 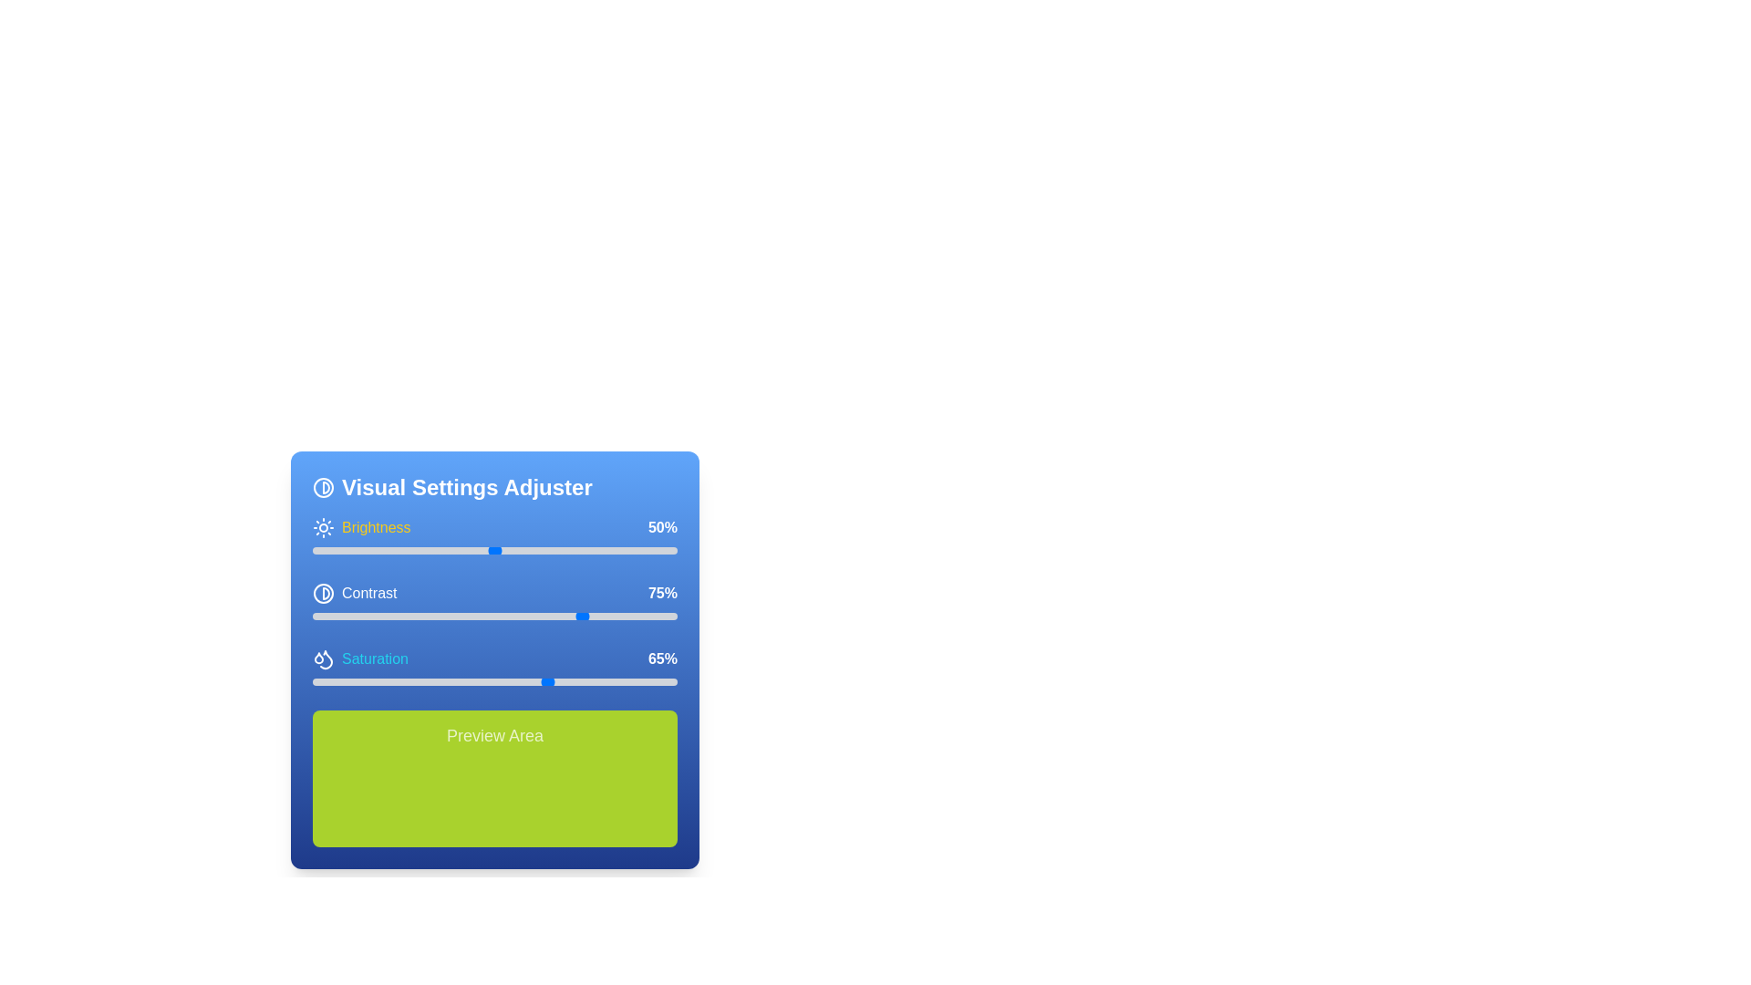 What do you see at coordinates (590, 682) in the screenshot?
I see `saturation` at bounding box center [590, 682].